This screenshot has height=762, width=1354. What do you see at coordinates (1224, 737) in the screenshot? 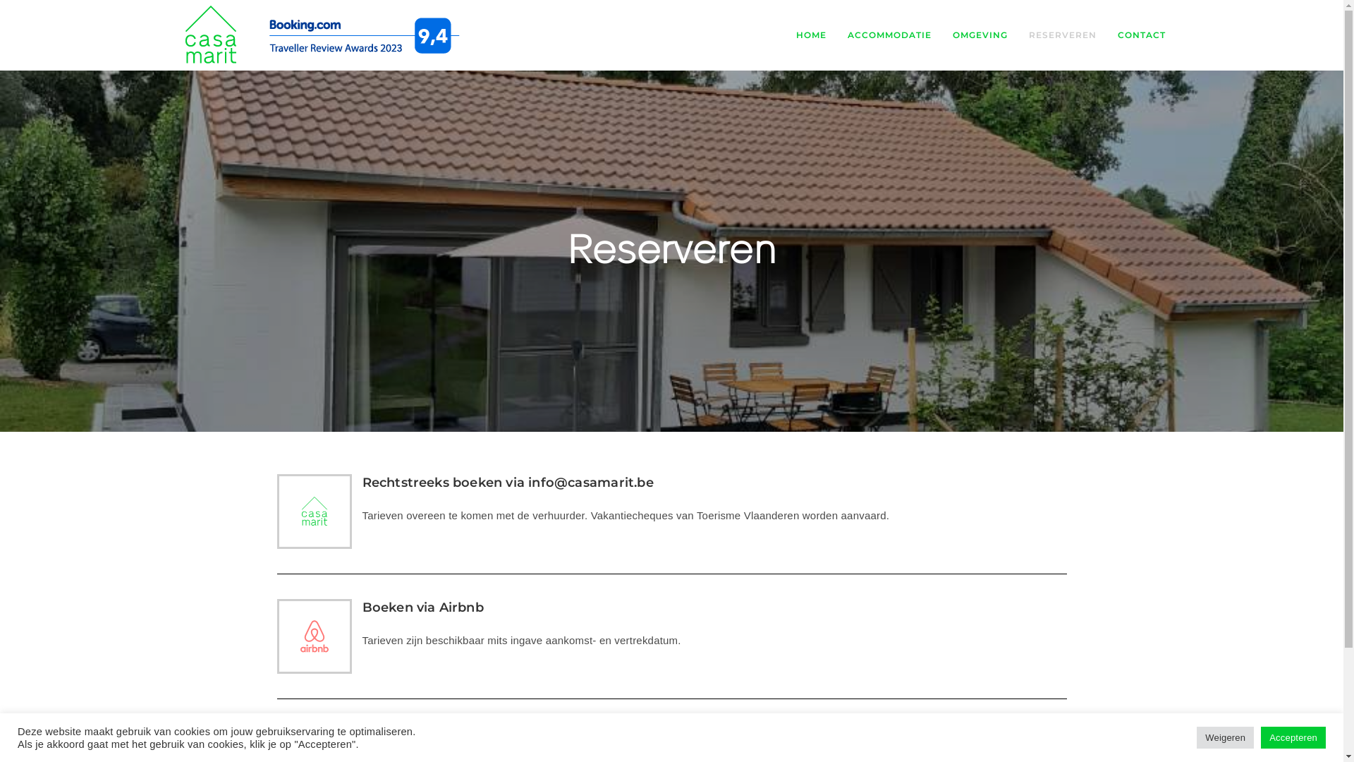
I see `'Weigeren'` at bounding box center [1224, 737].